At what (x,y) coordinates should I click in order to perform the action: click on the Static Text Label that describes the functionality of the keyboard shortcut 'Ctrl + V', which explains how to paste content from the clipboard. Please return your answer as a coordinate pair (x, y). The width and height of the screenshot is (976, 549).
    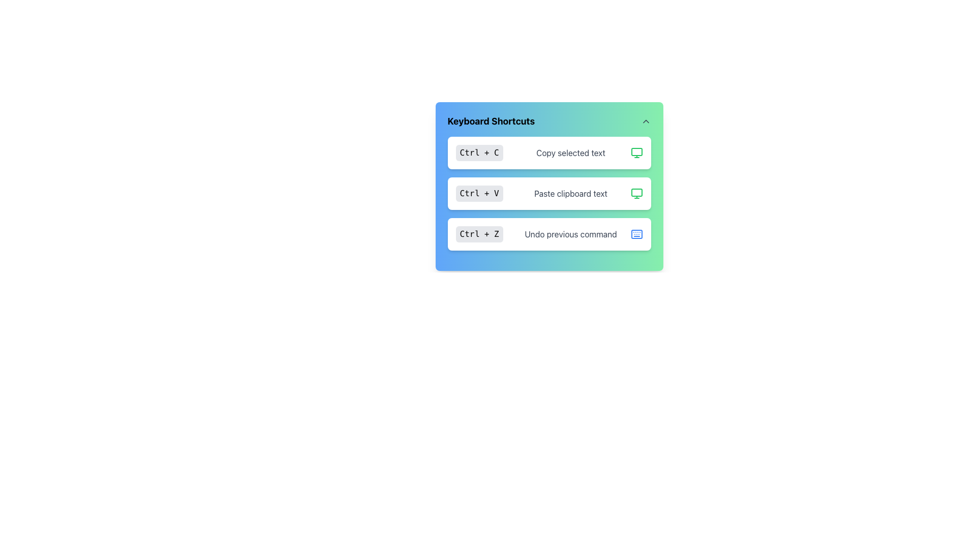
    Looking at the image, I should click on (571, 194).